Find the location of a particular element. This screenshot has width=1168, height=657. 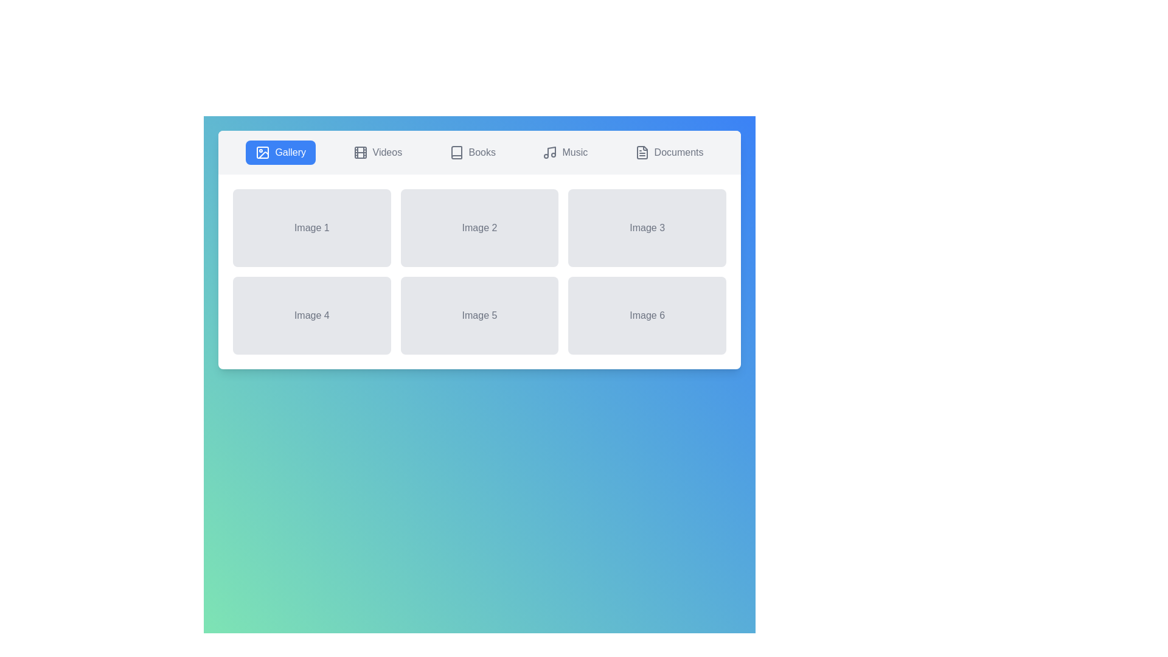

the card element that serves as a placeholder for 'Image 2', located in the upper row and middle column of a 3x2 grid layout is located at coordinates (479, 228).